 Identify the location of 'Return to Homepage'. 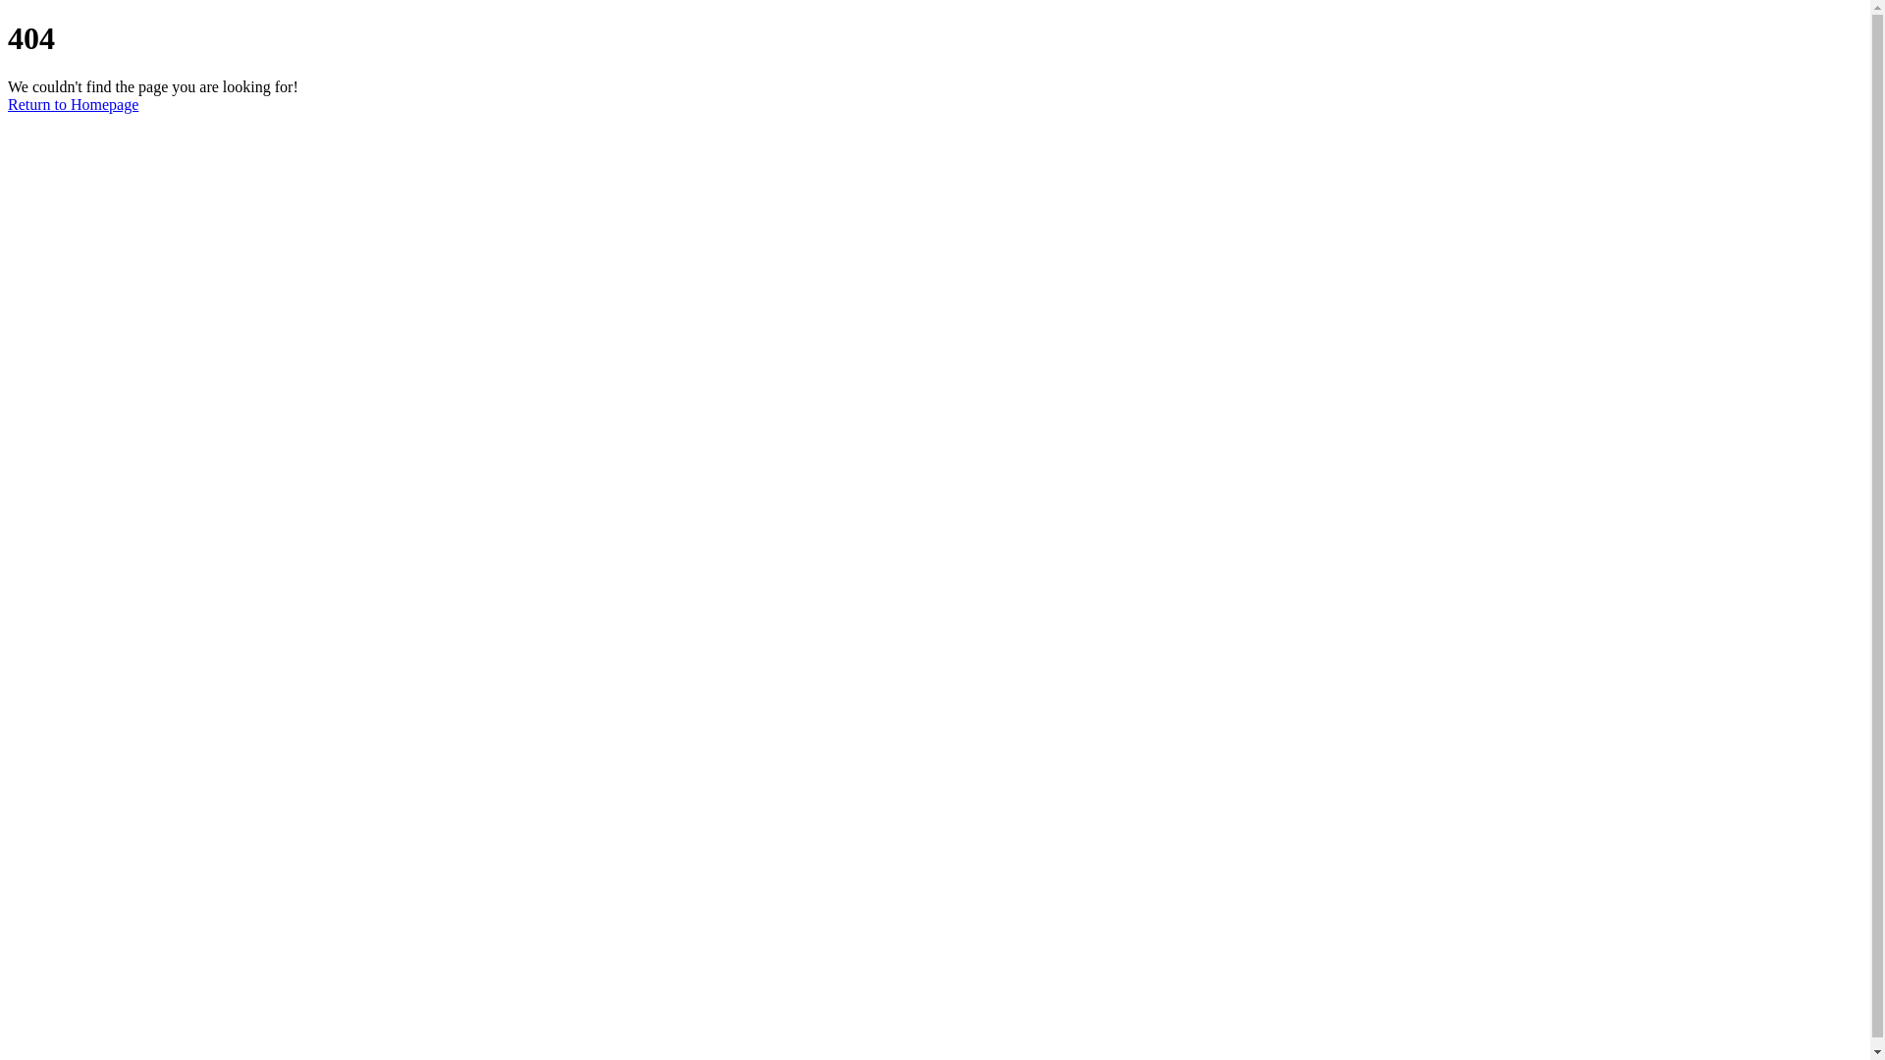
(73, 104).